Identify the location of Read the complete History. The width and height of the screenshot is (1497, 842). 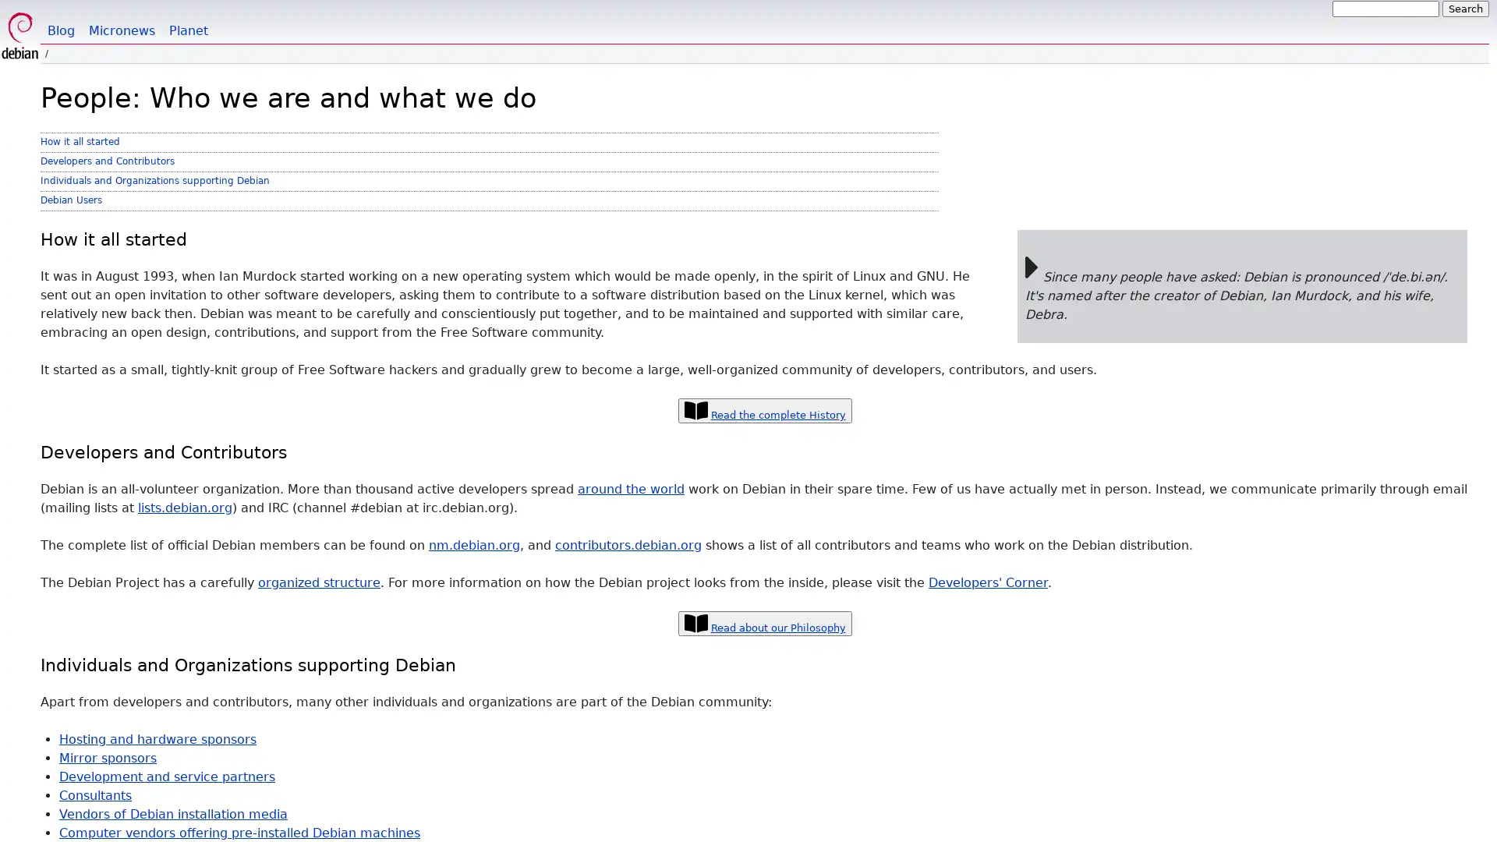
(764, 409).